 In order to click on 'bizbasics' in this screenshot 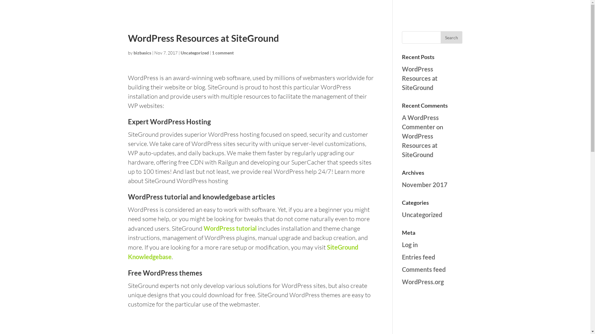, I will do `click(133, 52)`.